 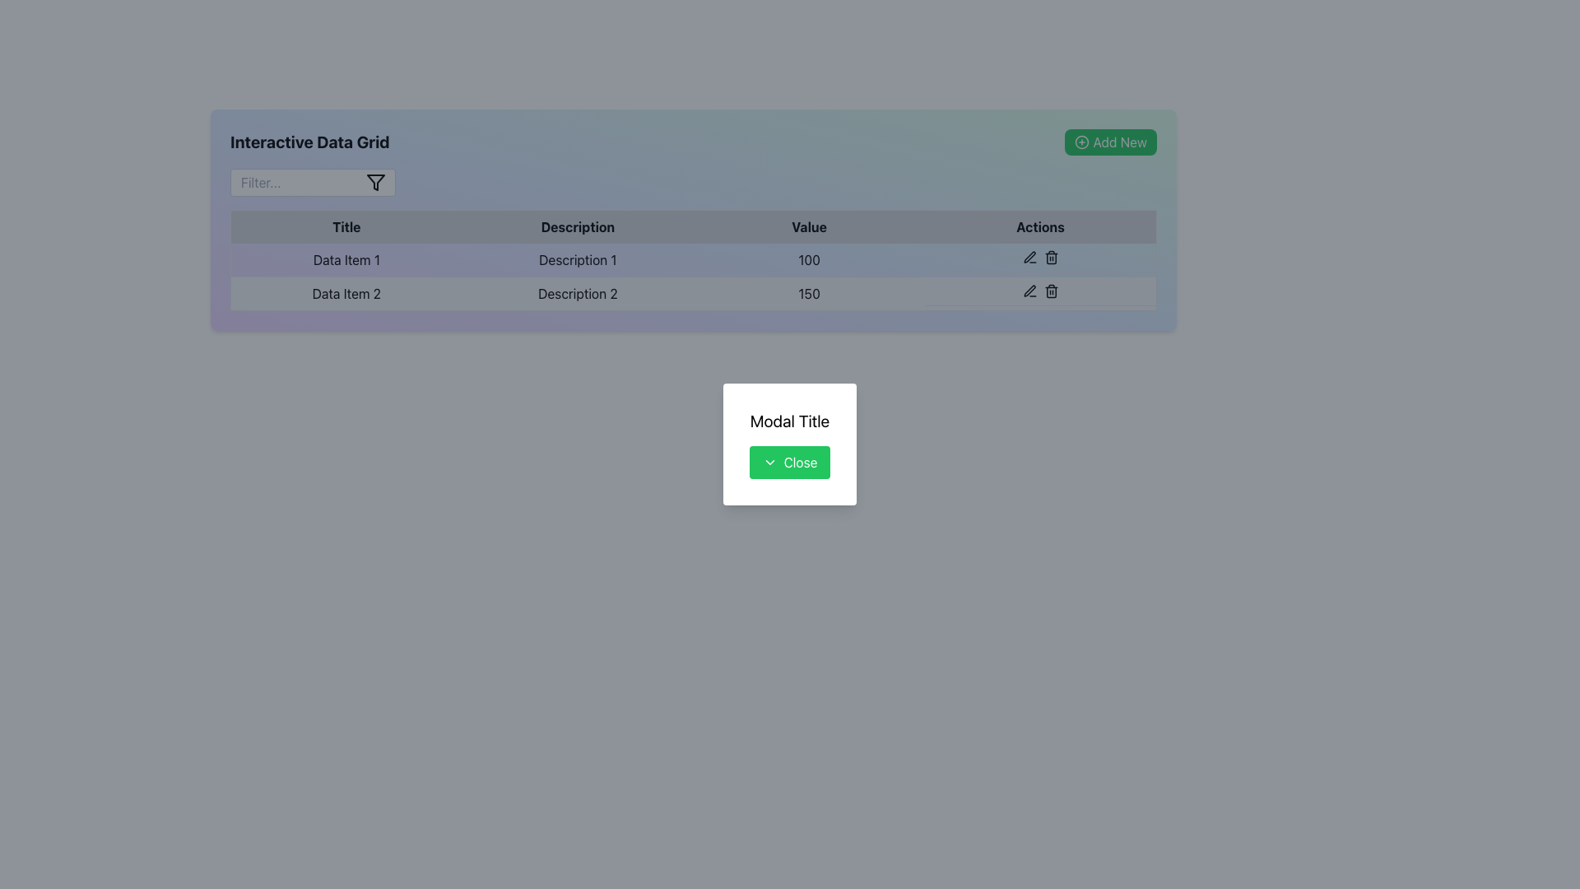 What do you see at coordinates (809, 226) in the screenshot?
I see `the header label for the 'Value' column in the data grid, which is the third column in the row of headings` at bounding box center [809, 226].